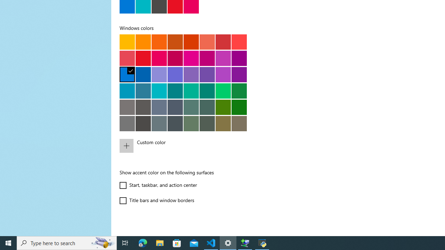  I want to click on 'Gold', so click(143, 42).